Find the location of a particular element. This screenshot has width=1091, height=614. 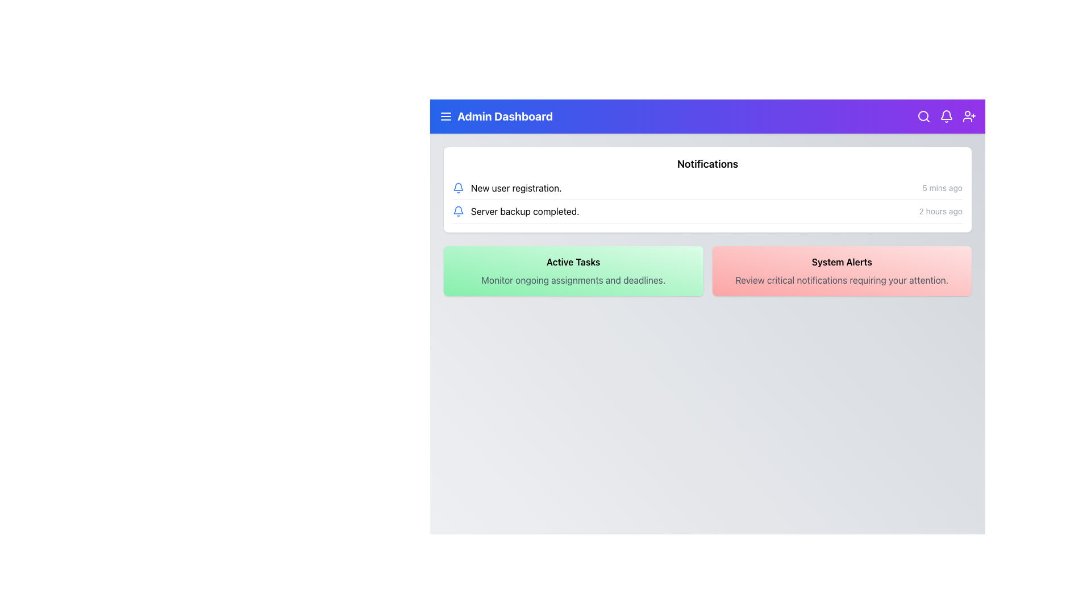

the horizontal navigation bar at the top of the page which includes the 'Admin Dashboard' title and interactive icons is located at coordinates (707, 116).